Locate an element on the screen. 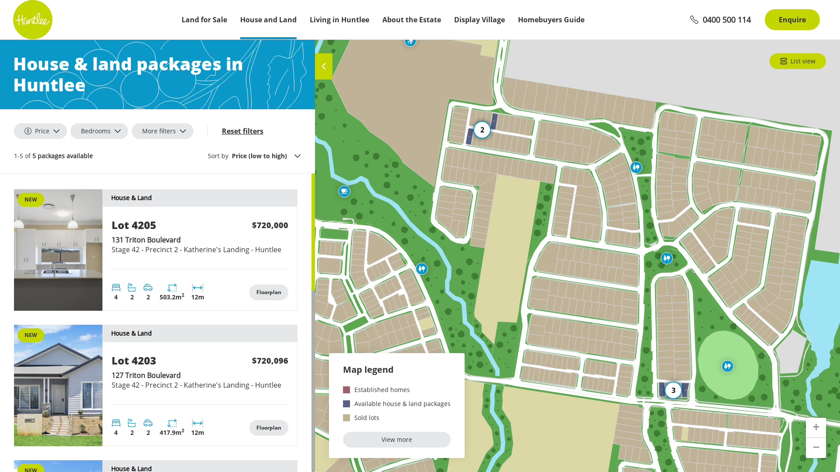  '+' is located at coordinates (815, 427).